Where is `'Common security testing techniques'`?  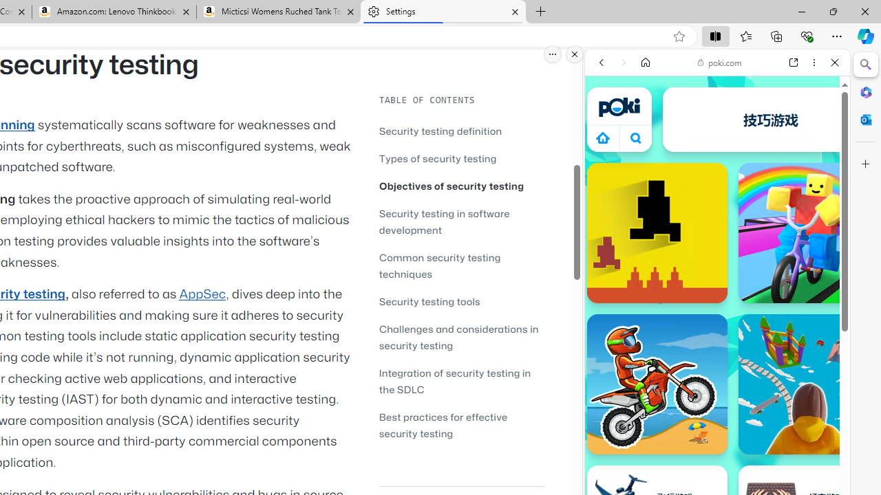
'Common security testing techniques' is located at coordinates (439, 265).